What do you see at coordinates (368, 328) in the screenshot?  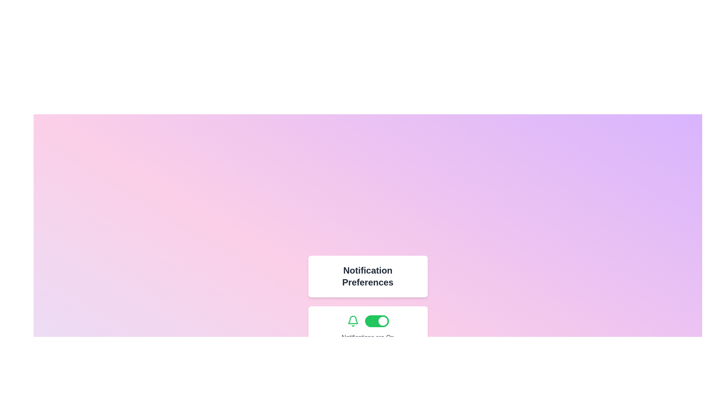 I see `label text of the toggle switch indicating 'Notifications are On' which is visually aligned with a bell icon and located within the Notification Preferences card` at bounding box center [368, 328].